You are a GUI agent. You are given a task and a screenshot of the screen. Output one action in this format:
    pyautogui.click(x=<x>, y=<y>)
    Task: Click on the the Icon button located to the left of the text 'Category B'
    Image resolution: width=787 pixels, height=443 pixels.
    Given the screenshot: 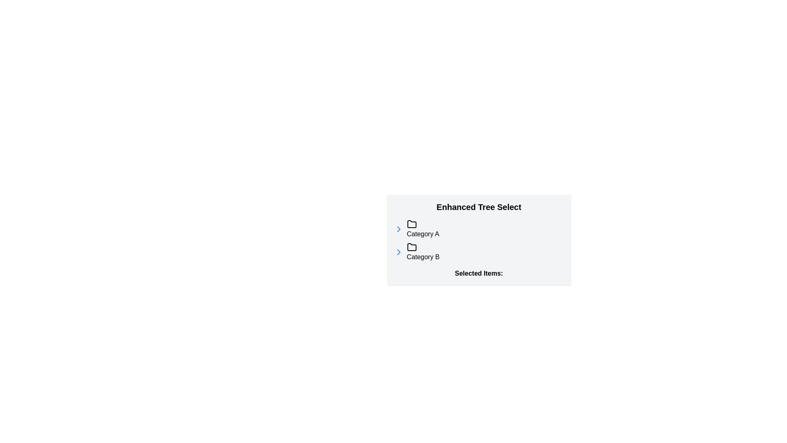 What is the action you would take?
    pyautogui.click(x=398, y=251)
    